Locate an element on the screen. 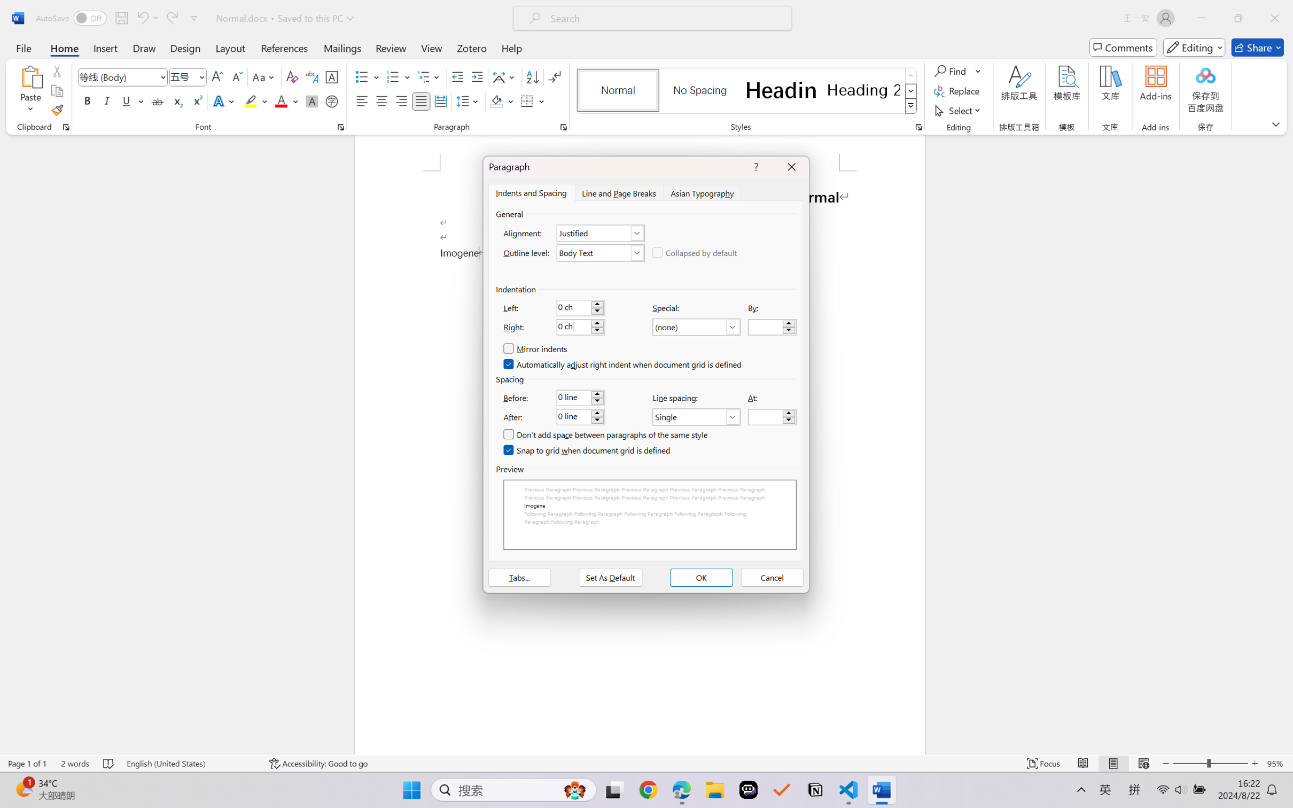  'At:' is located at coordinates (772, 416).